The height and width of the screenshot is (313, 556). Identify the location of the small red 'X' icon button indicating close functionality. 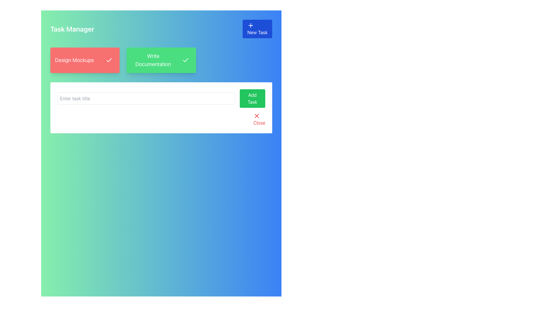
(257, 116).